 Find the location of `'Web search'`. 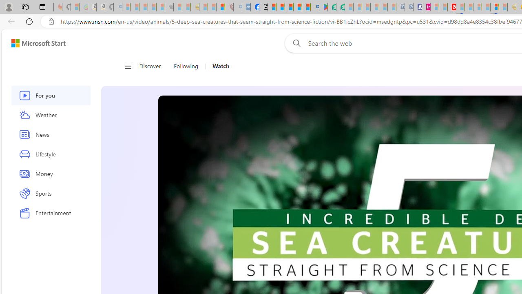

'Web search' is located at coordinates (295, 43).